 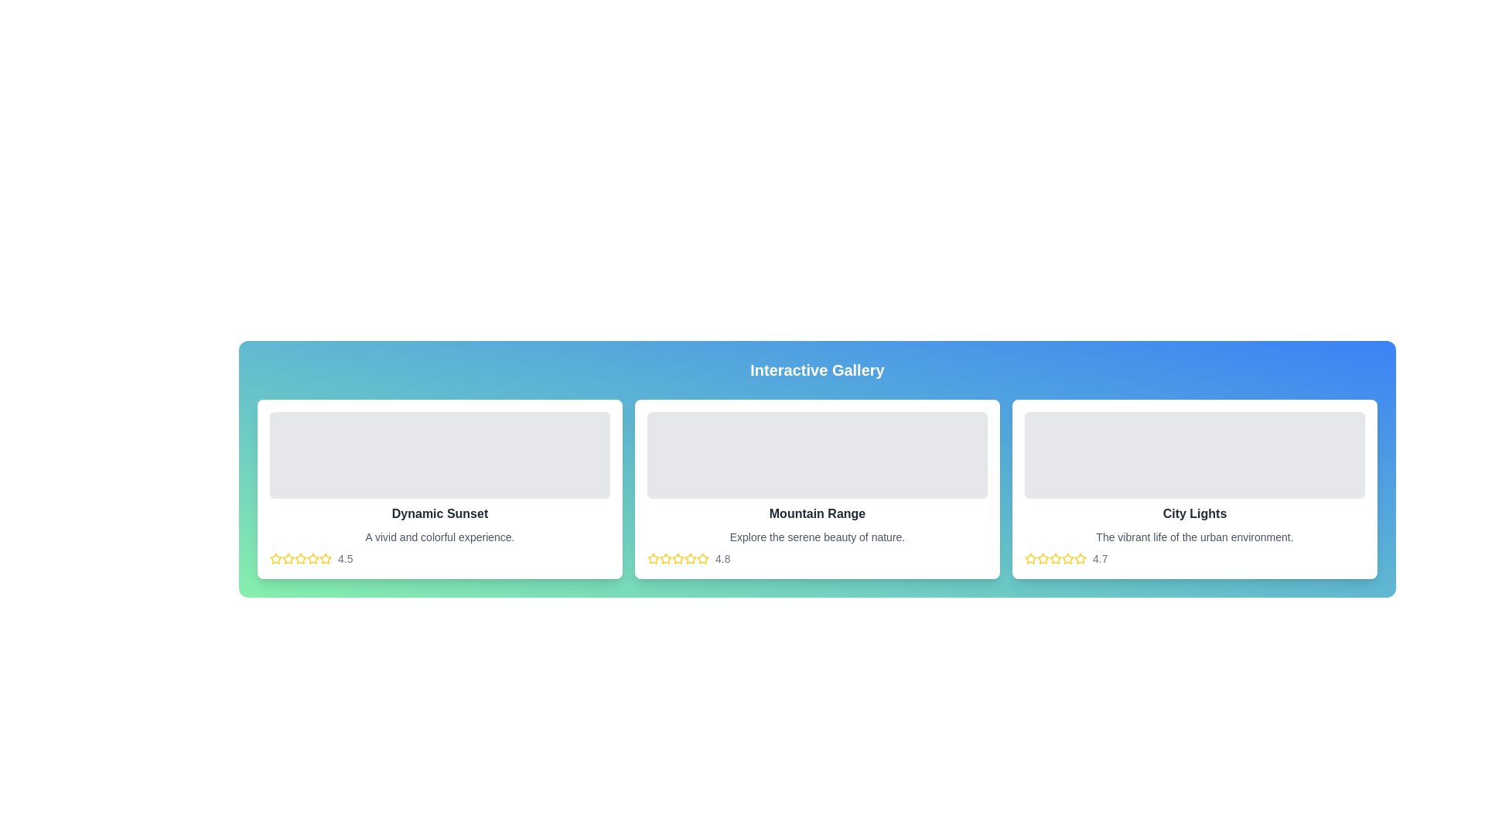 I want to click on the first star icon in the rating component for 'Mountain Range' that visually represents a rating of '4.8.', so click(x=665, y=558).